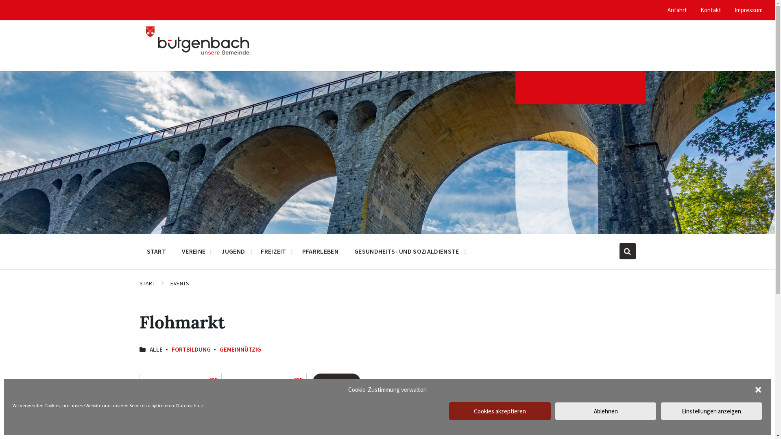  Describe the element at coordinates (710, 10) in the screenshot. I see `'Kontakt'` at that location.